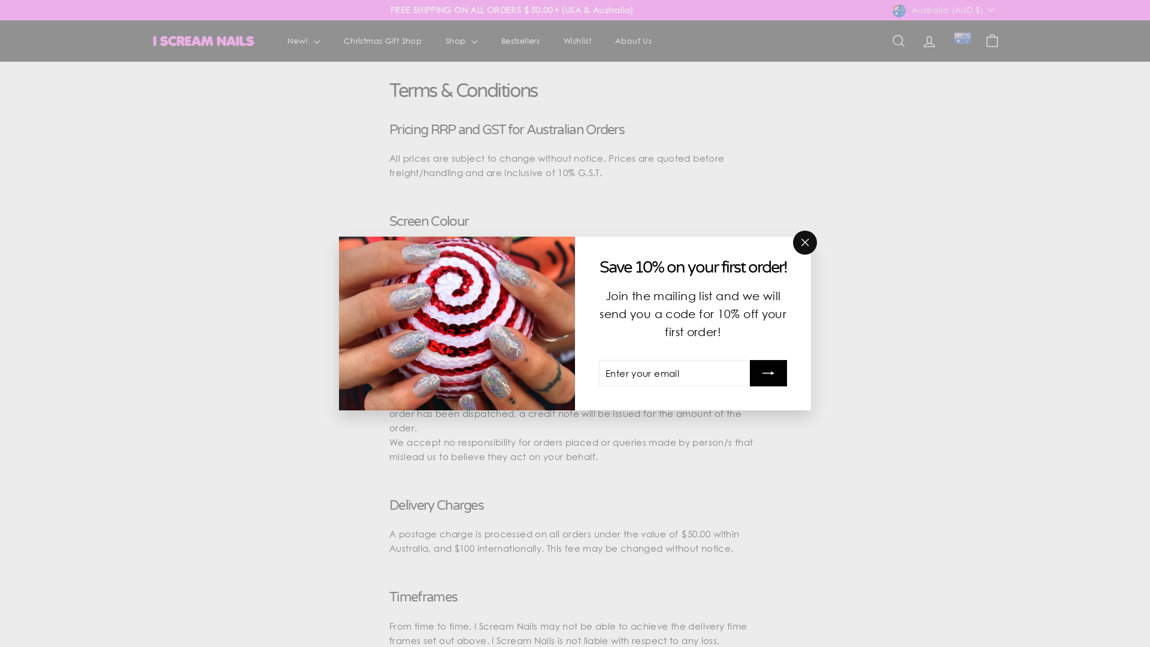  I want to click on 'Search', so click(883, 40).